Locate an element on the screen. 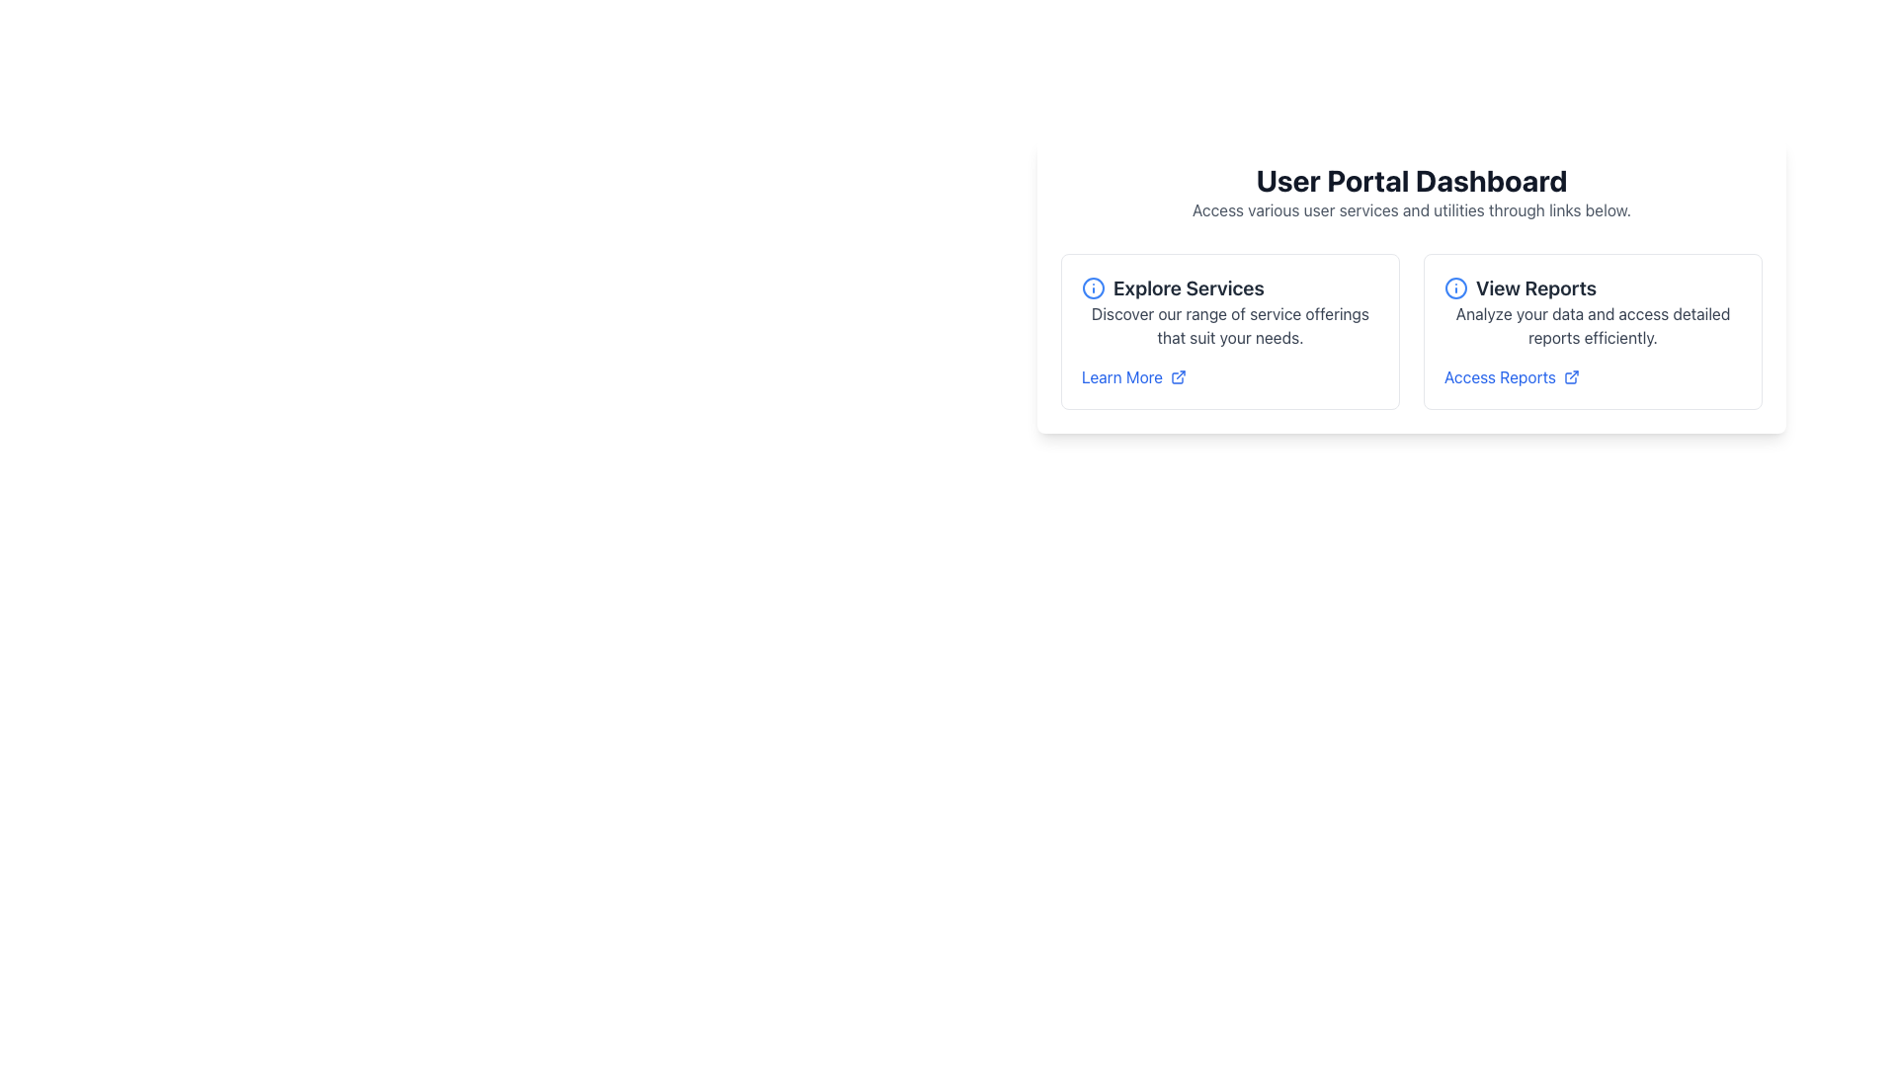 The height and width of the screenshot is (1067, 1897). the informational icon located to the left of the 'Explore Services' heading, which suggests additional details or context is located at coordinates (1093, 288).